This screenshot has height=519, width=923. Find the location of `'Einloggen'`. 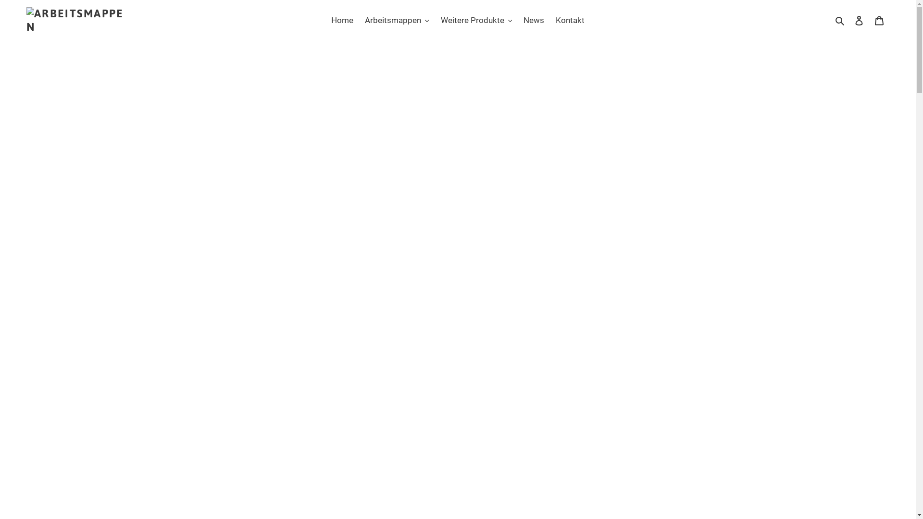

'Einloggen' is located at coordinates (859, 20).